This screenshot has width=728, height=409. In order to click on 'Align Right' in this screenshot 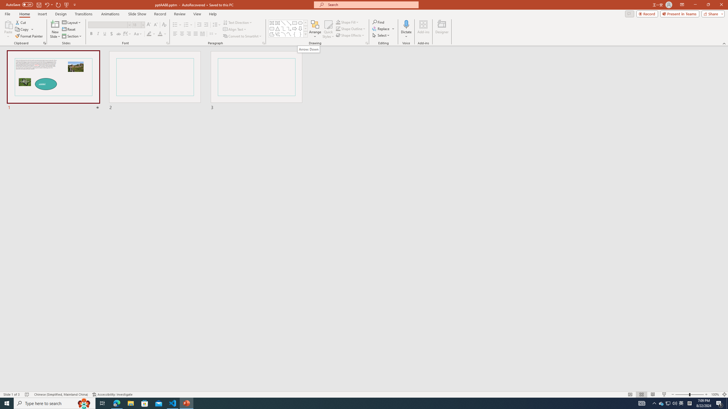, I will do `click(189, 34)`.